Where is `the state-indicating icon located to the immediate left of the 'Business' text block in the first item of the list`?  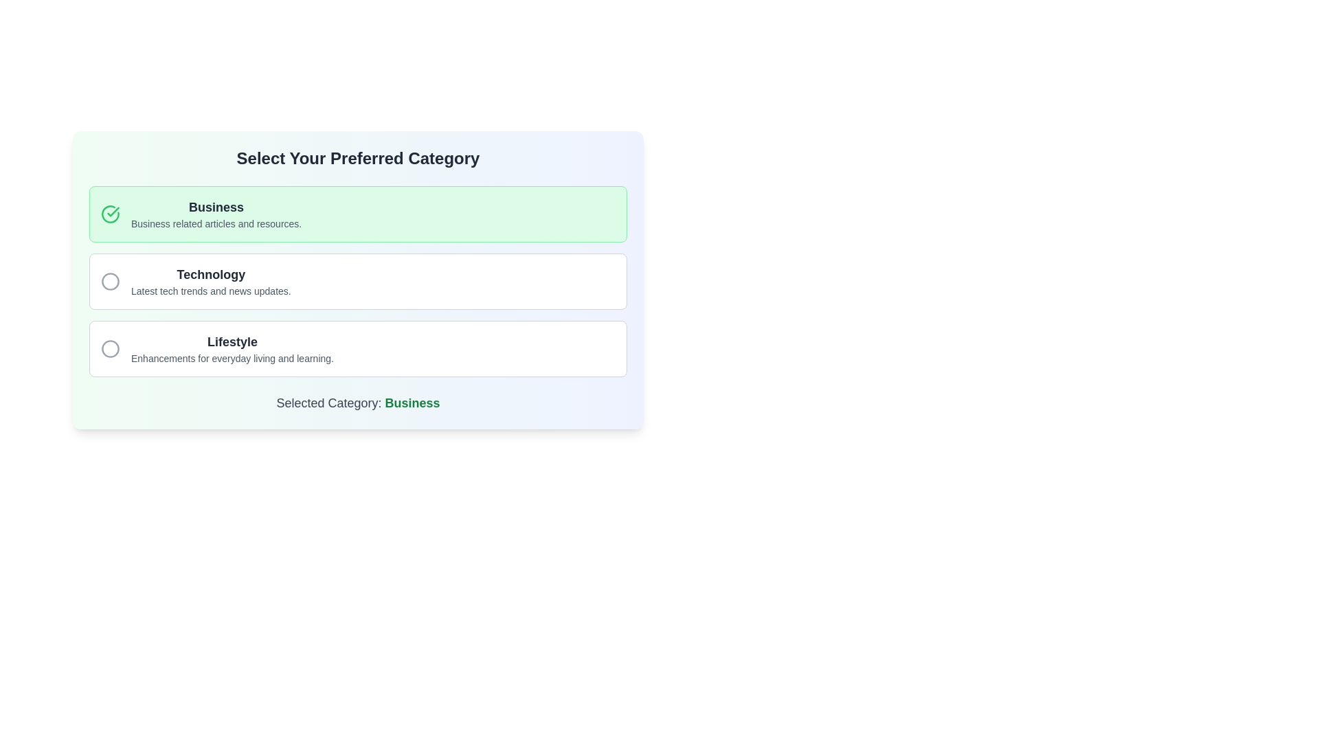
the state-indicating icon located to the immediate left of the 'Business' text block in the first item of the list is located at coordinates (111, 214).